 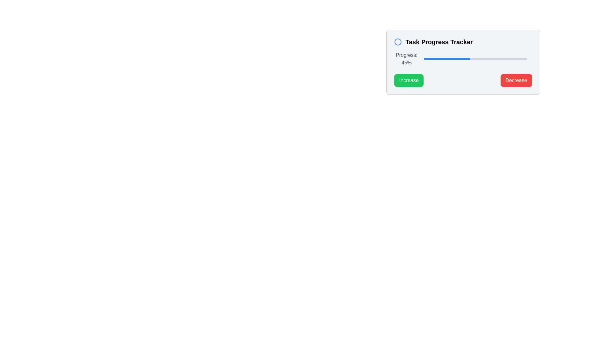 I want to click on the green 'Increase' button with rounded corners, which features white text, so click(x=409, y=80).